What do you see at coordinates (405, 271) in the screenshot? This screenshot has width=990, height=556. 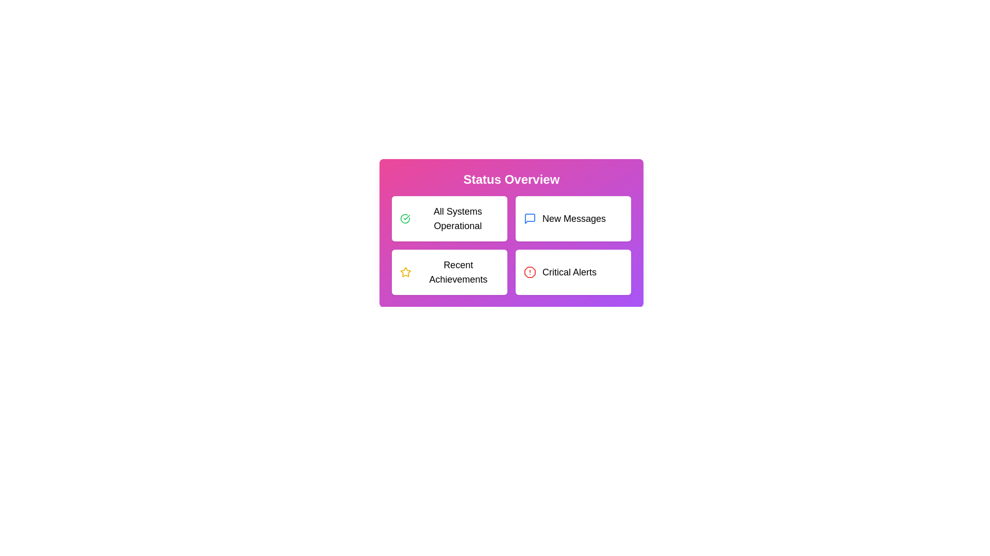 I see `the star icon representing an achievement in the 'Recent Achievements' section, located below the 'Status Overview' title and to the left of the 'Critical Alerts' section` at bounding box center [405, 271].